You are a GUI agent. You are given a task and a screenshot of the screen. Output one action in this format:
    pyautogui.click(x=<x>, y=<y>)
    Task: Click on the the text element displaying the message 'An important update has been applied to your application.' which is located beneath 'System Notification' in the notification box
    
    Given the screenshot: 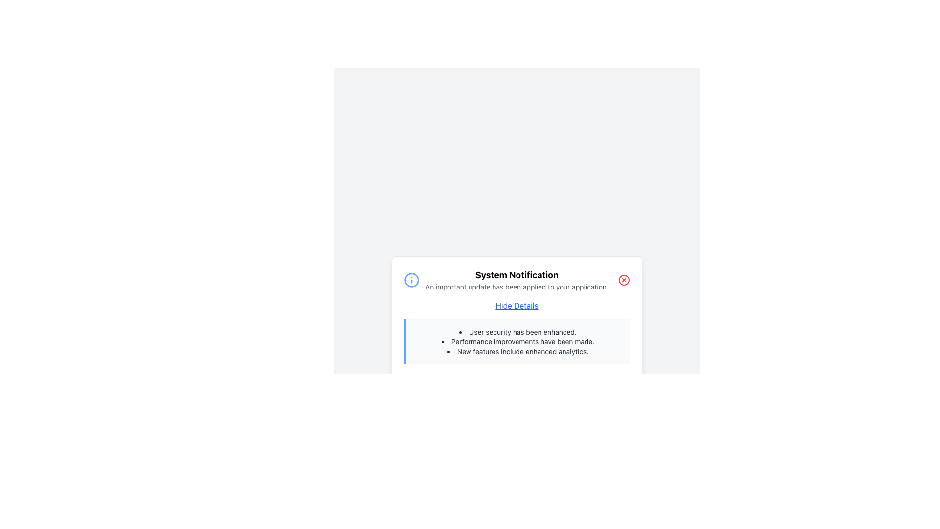 What is the action you would take?
    pyautogui.click(x=517, y=287)
    